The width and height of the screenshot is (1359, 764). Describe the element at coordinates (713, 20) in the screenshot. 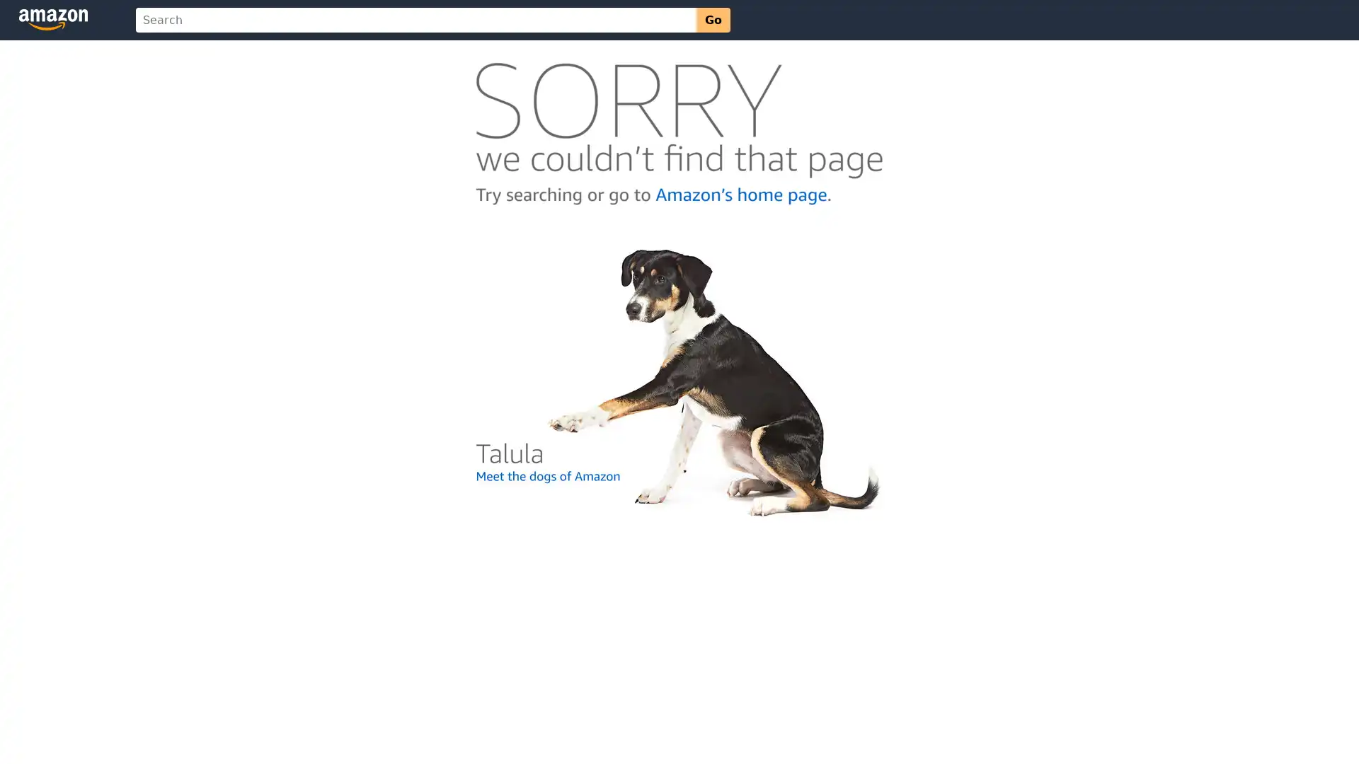

I see `Go` at that location.